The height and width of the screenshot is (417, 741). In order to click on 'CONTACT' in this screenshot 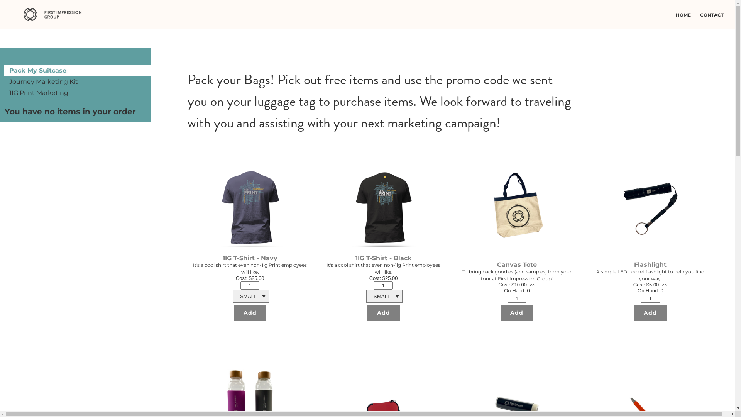, I will do `click(713, 15)`.